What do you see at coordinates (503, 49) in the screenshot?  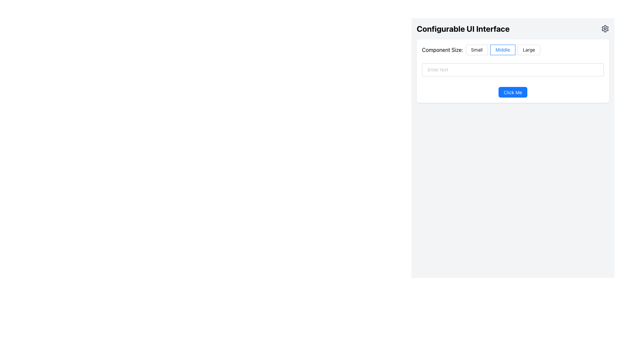 I see `the 'Middle' size radio button styled as a button` at bounding box center [503, 49].